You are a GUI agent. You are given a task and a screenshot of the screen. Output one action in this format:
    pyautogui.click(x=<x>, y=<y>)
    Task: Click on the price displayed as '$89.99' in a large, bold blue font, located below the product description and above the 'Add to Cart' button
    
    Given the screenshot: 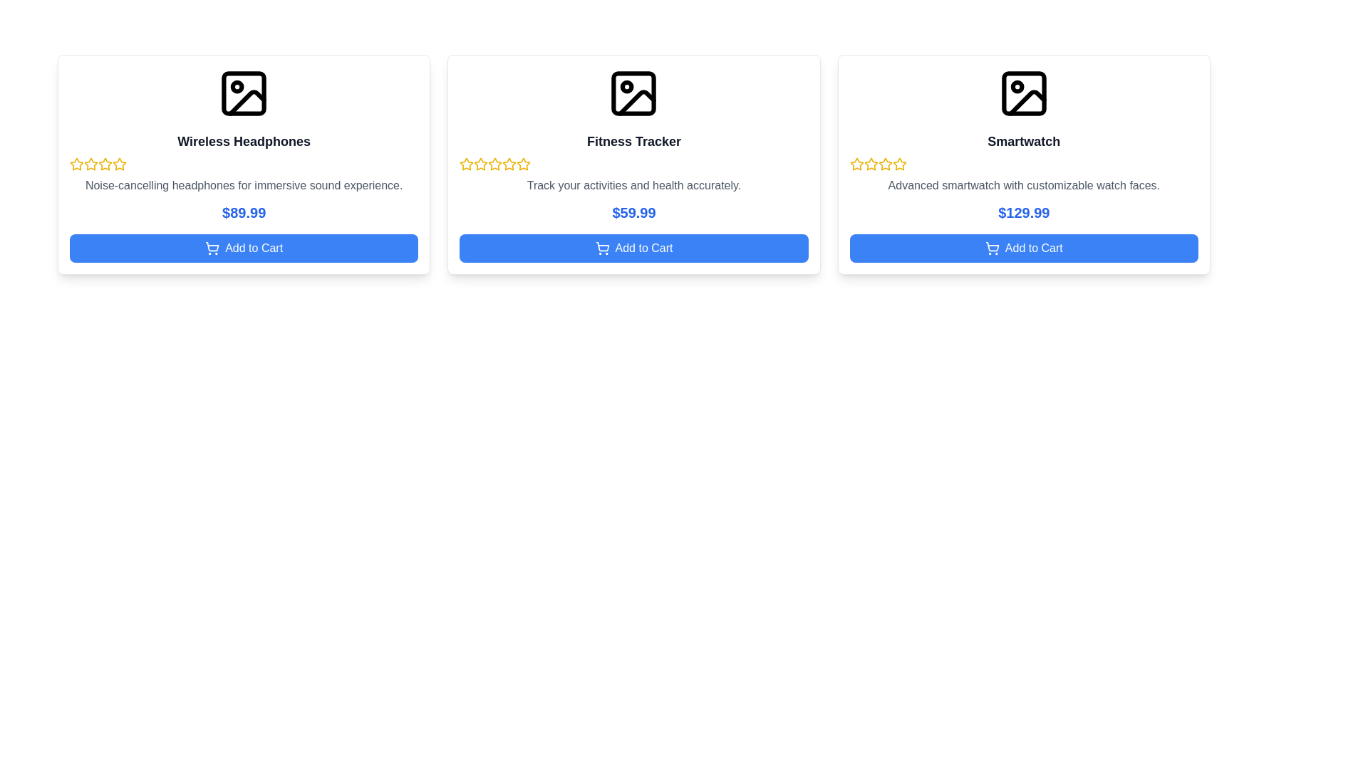 What is the action you would take?
    pyautogui.click(x=244, y=213)
    